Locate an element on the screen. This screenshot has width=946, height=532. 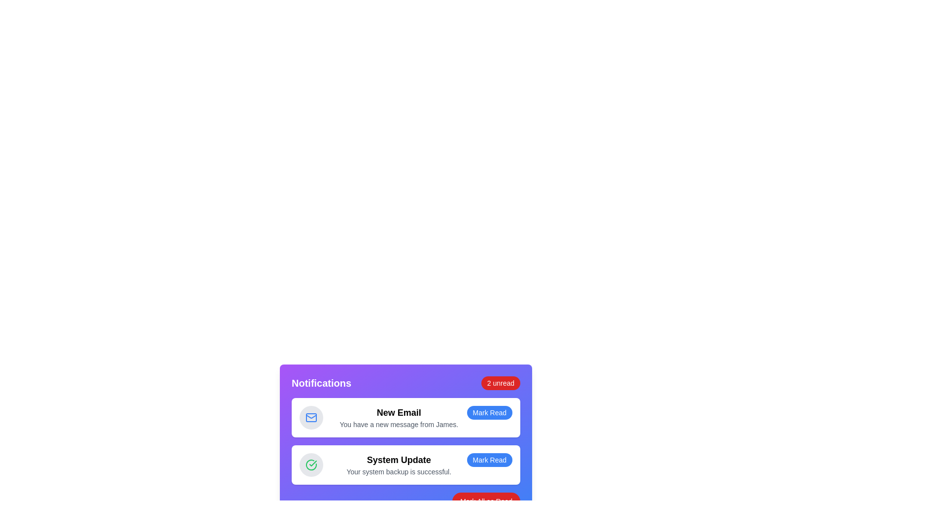
text content of the notification card located at the top of the content area, which includes a title and a short description about a new email is located at coordinates (399, 418).